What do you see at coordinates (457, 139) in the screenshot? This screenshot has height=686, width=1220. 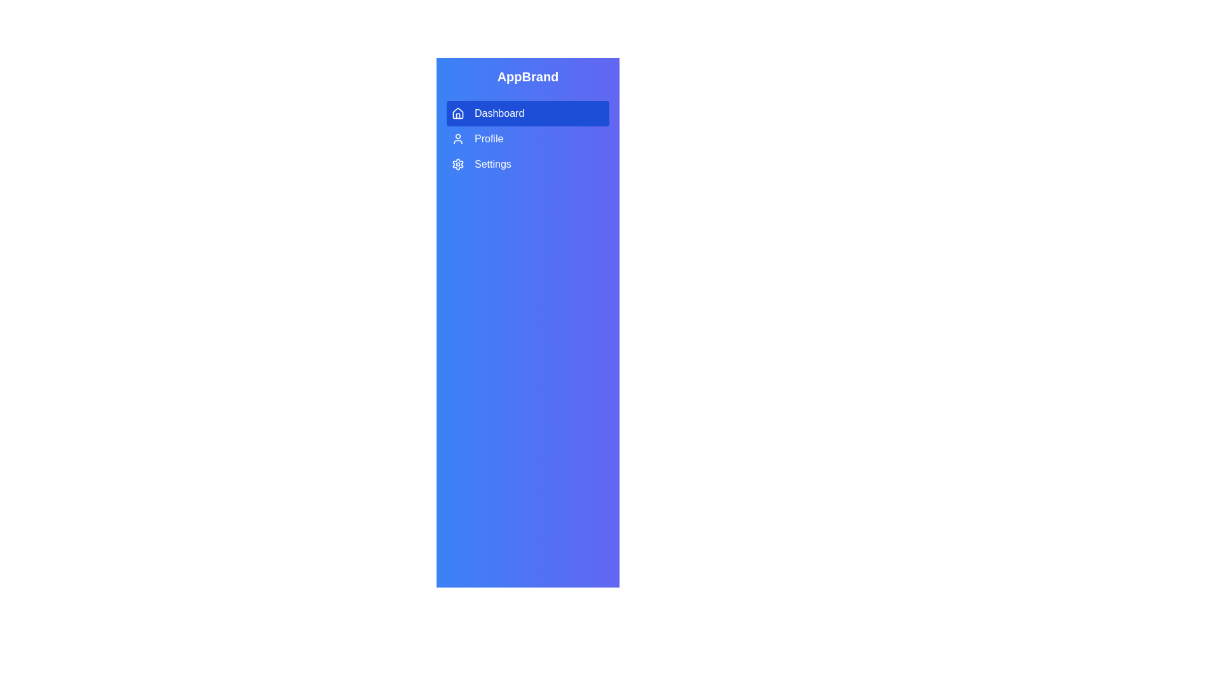 I see `the Profile icon in the left navigation menu` at bounding box center [457, 139].